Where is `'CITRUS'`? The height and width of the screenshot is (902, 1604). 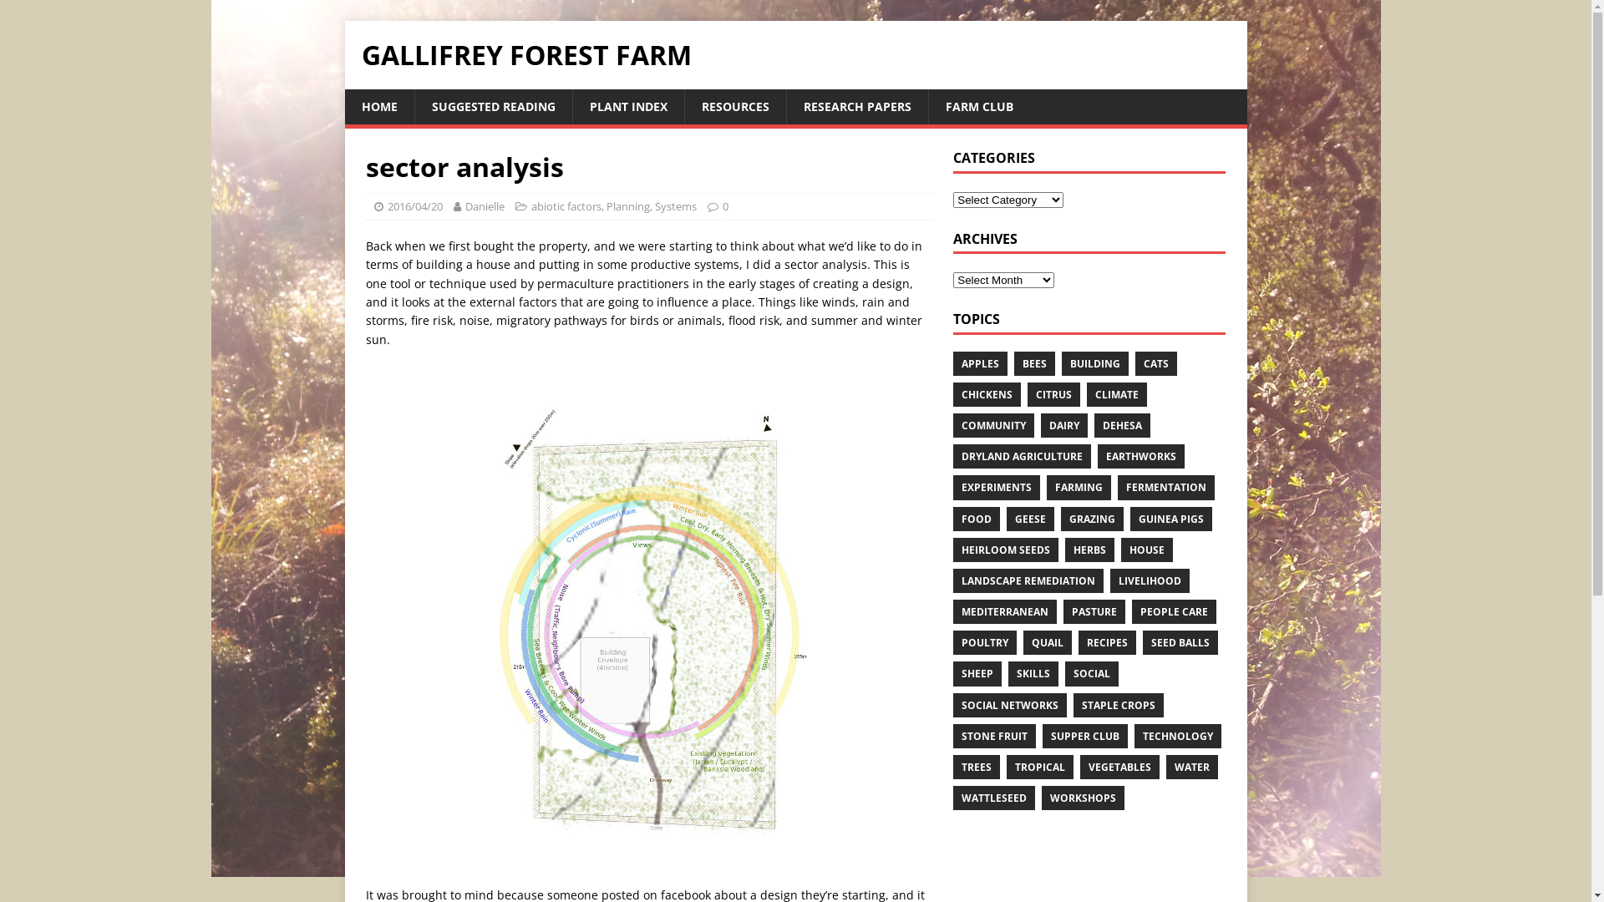
'CITRUS' is located at coordinates (1053, 394).